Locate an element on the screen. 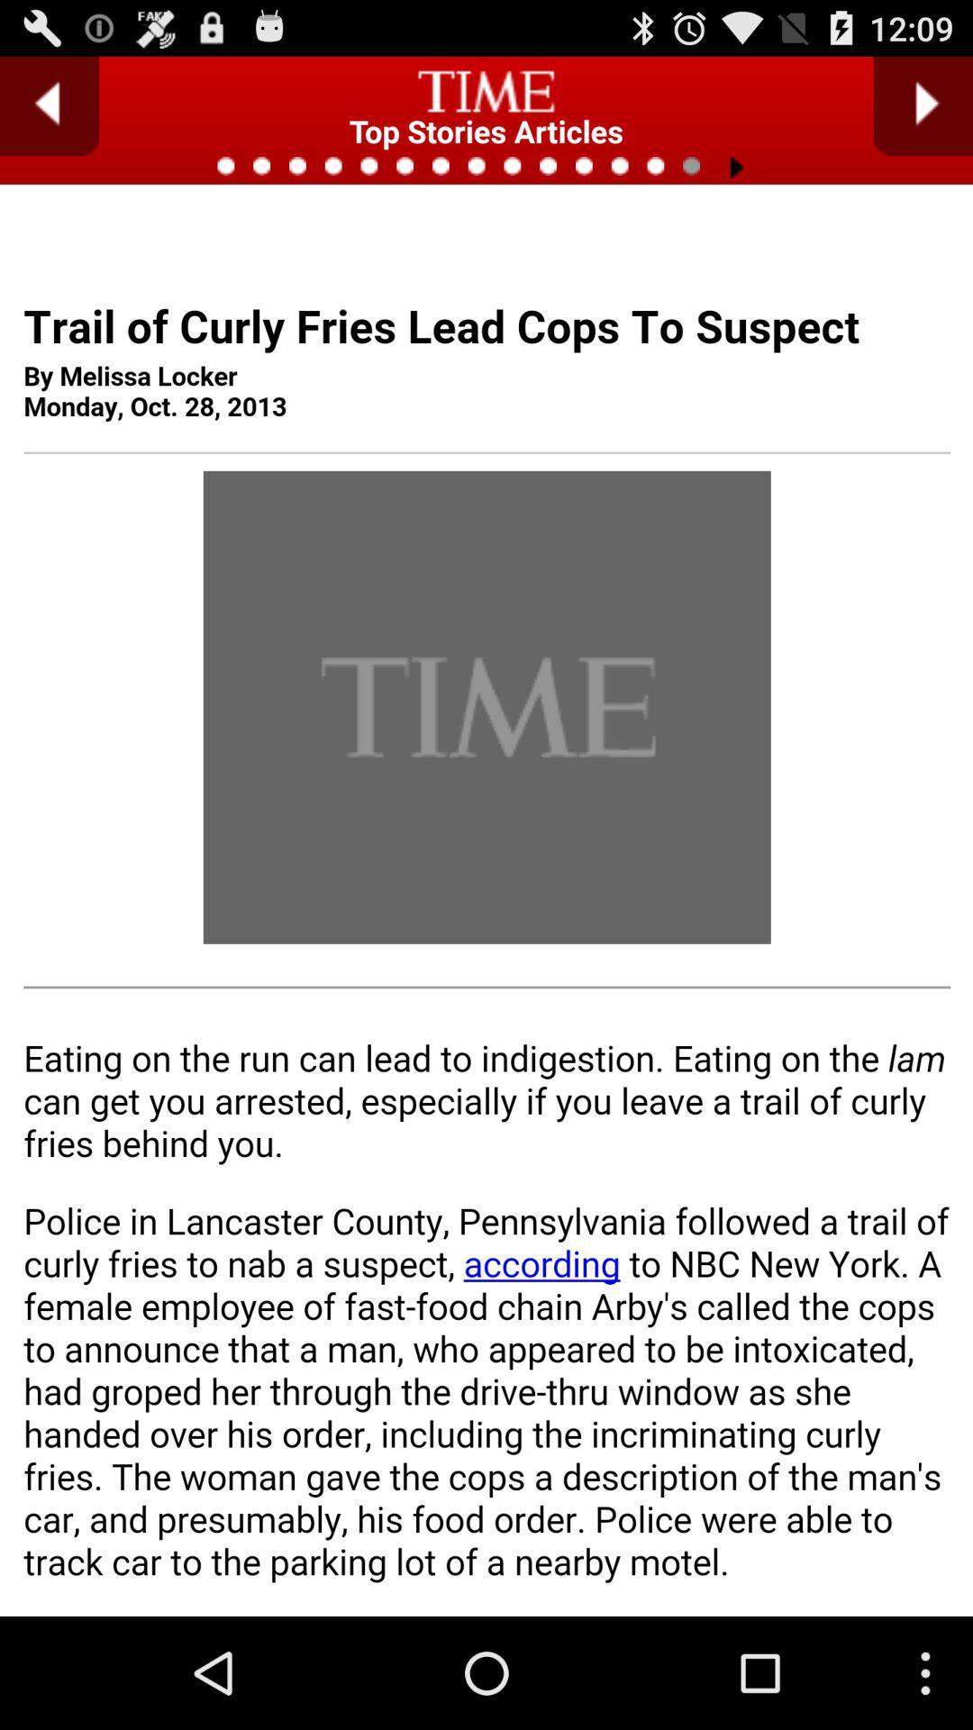  next page is located at coordinates (923, 105).